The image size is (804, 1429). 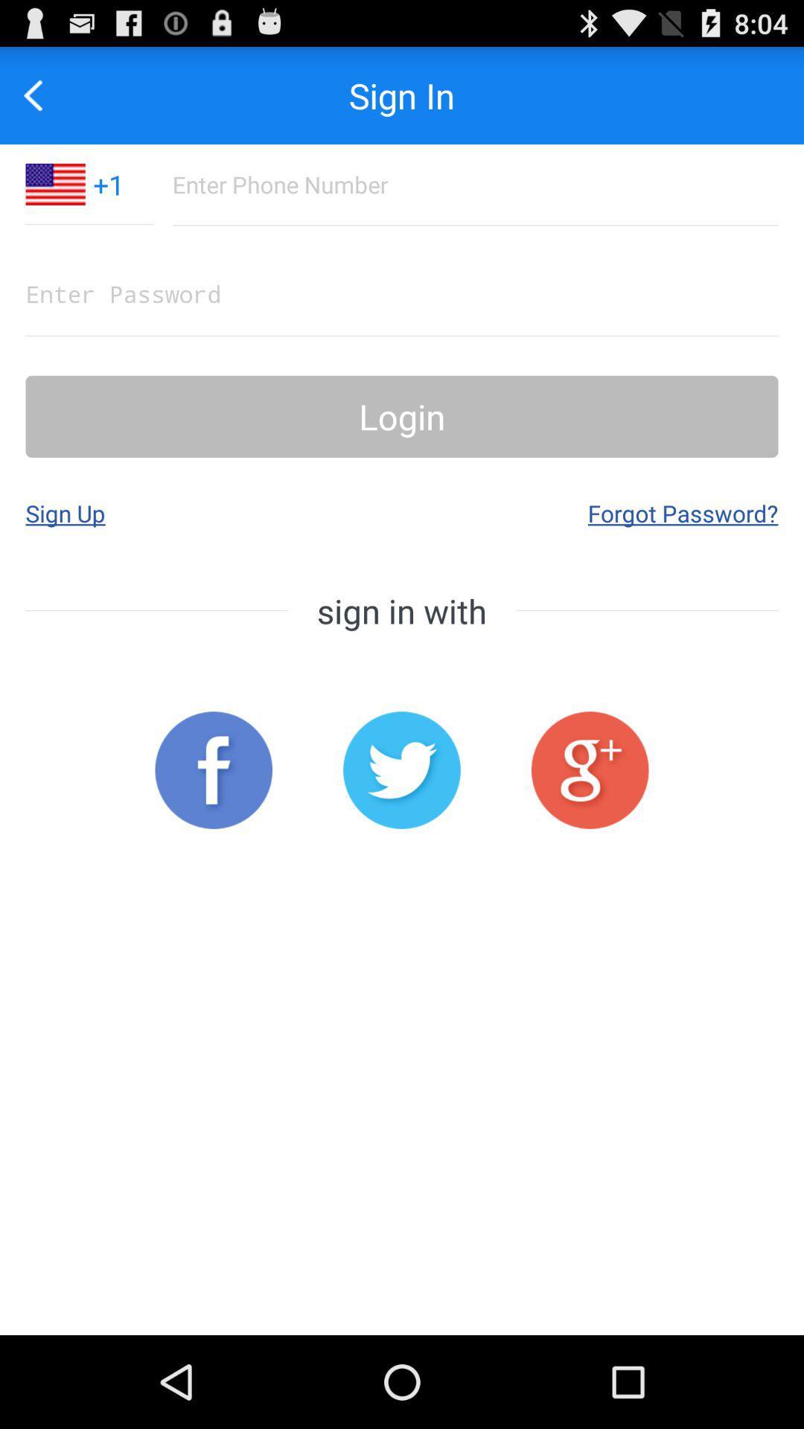 What do you see at coordinates (475, 184) in the screenshot?
I see `phone number` at bounding box center [475, 184].